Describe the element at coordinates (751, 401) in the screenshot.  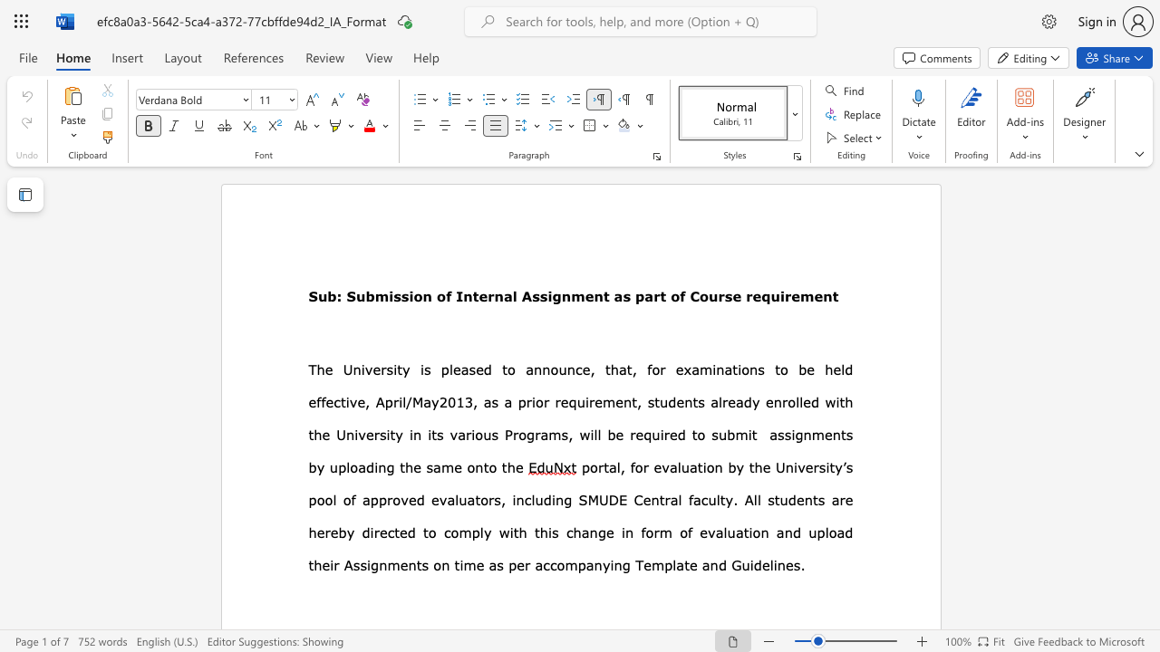
I see `the subset text "y enrolled with the University in its various Pr" within the text "already enrolled with the University in its various Programs,"` at that location.